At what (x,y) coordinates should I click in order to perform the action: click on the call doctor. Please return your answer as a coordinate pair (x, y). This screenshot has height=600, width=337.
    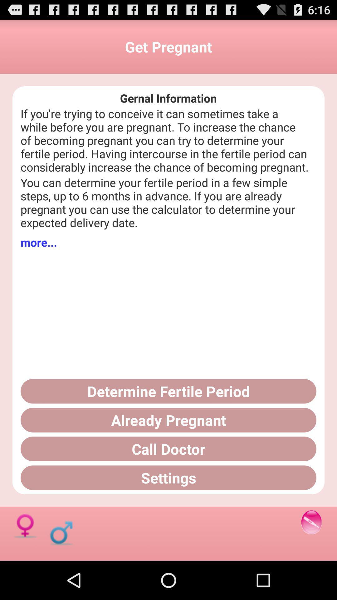
    Looking at the image, I should click on (168, 448).